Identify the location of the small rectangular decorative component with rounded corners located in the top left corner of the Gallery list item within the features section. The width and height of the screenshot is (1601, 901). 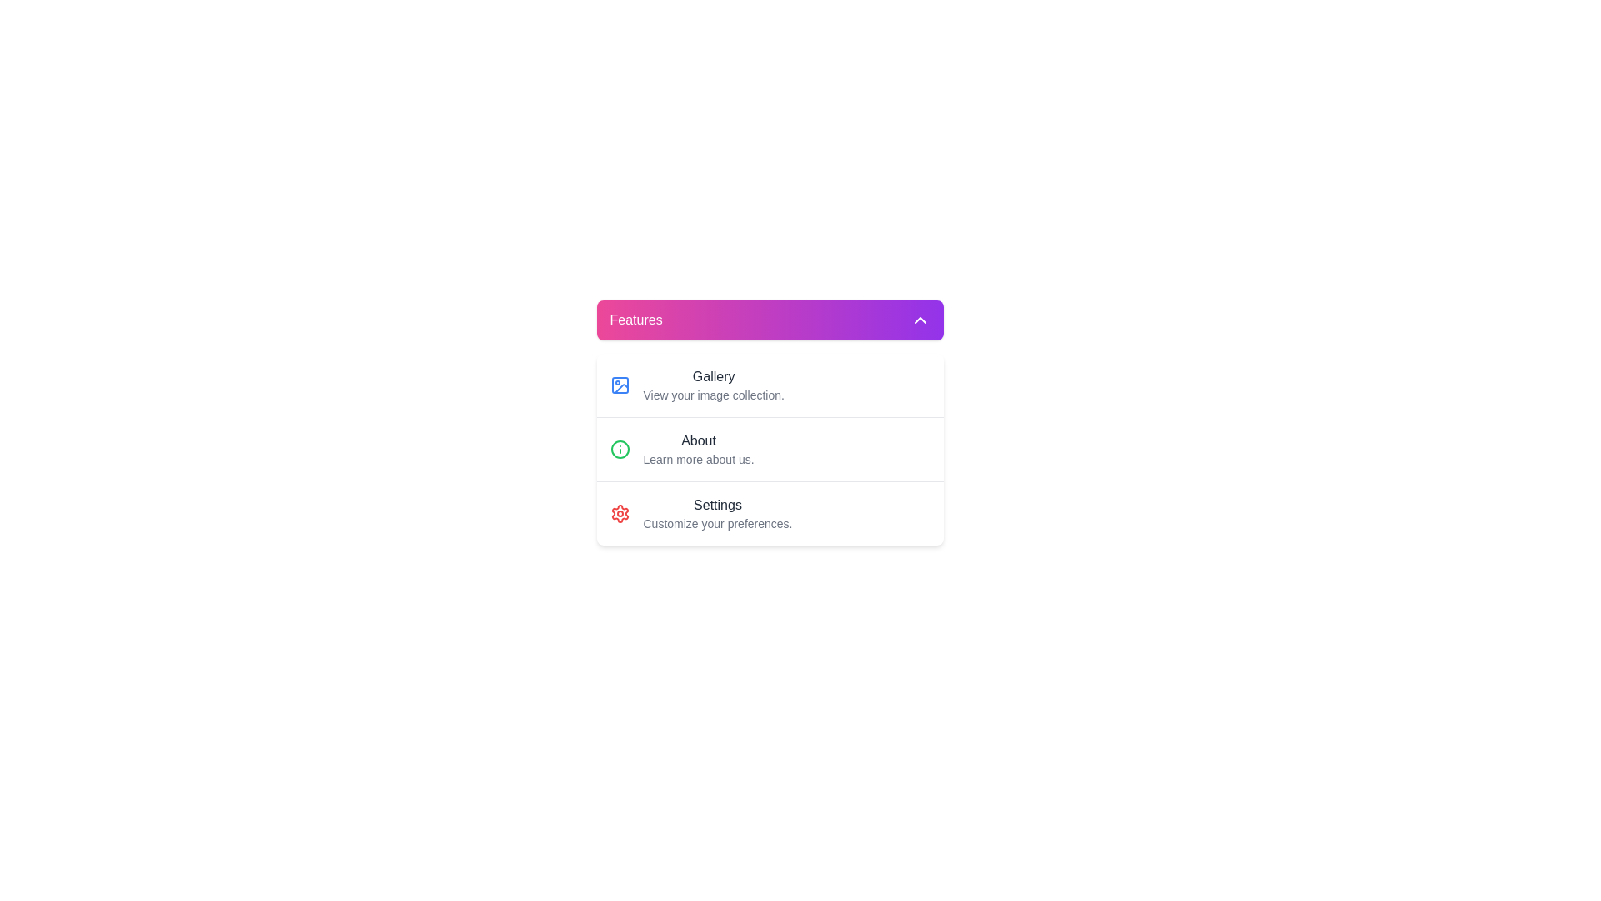
(619, 385).